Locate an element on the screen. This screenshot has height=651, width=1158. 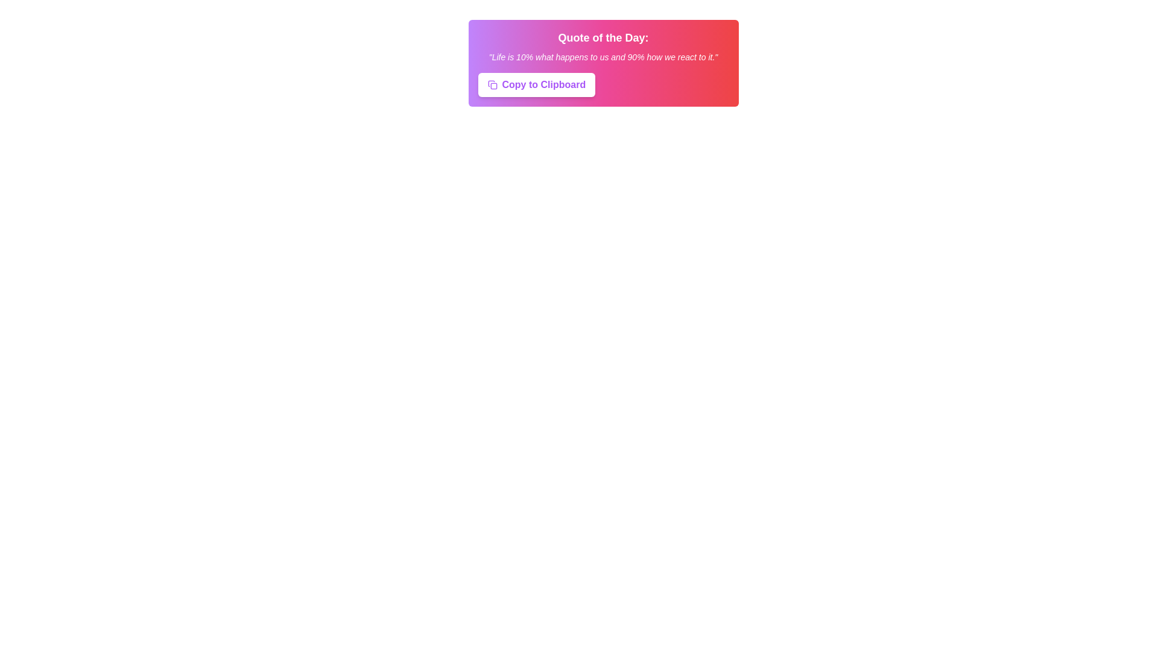
the small curved geometric shape that is part of the clipboard icon located to the left of the 'Copy to Clipboard' label is located at coordinates (491, 83).